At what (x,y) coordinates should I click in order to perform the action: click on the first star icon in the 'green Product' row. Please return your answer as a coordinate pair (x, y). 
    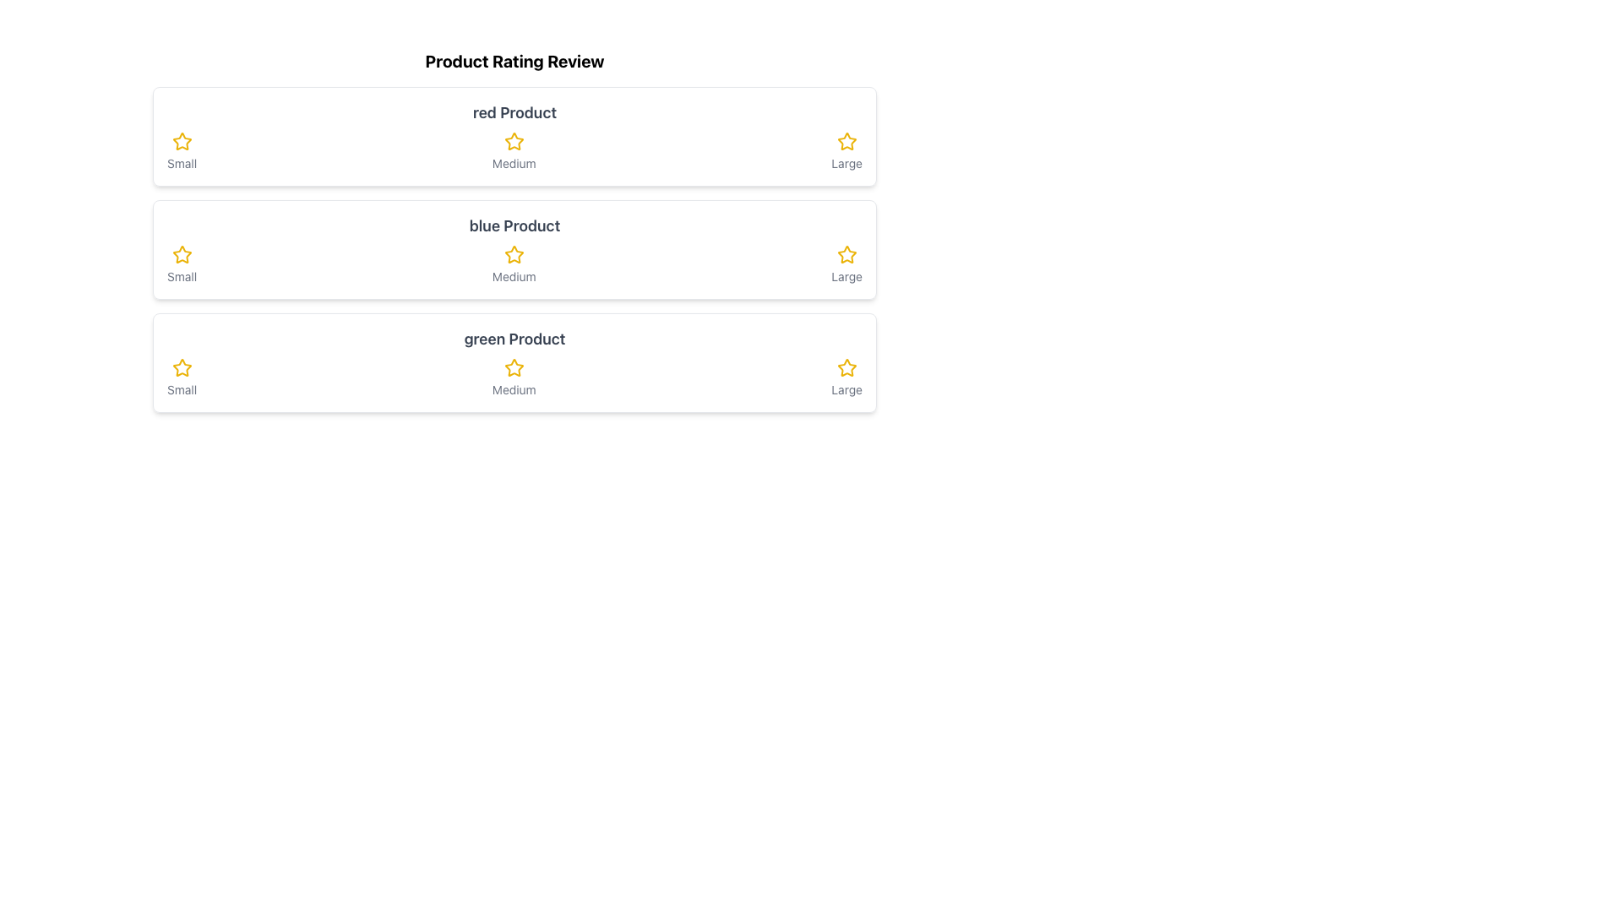
    Looking at the image, I should click on (182, 366).